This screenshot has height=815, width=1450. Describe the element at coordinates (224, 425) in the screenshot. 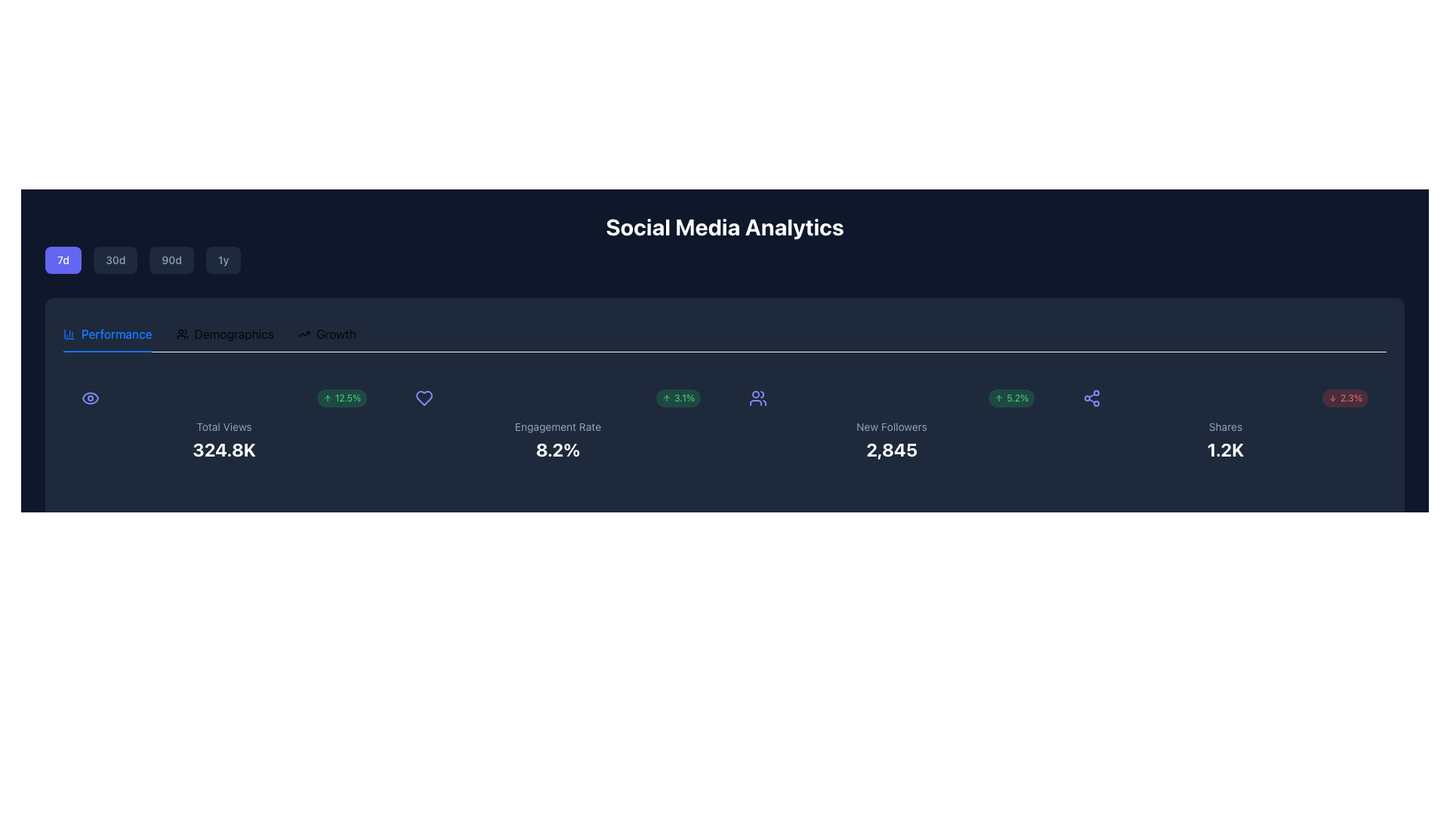

I see `the analytics card displaying total views (324.8K) and percentage increase (+12.5%) for additional options` at that location.